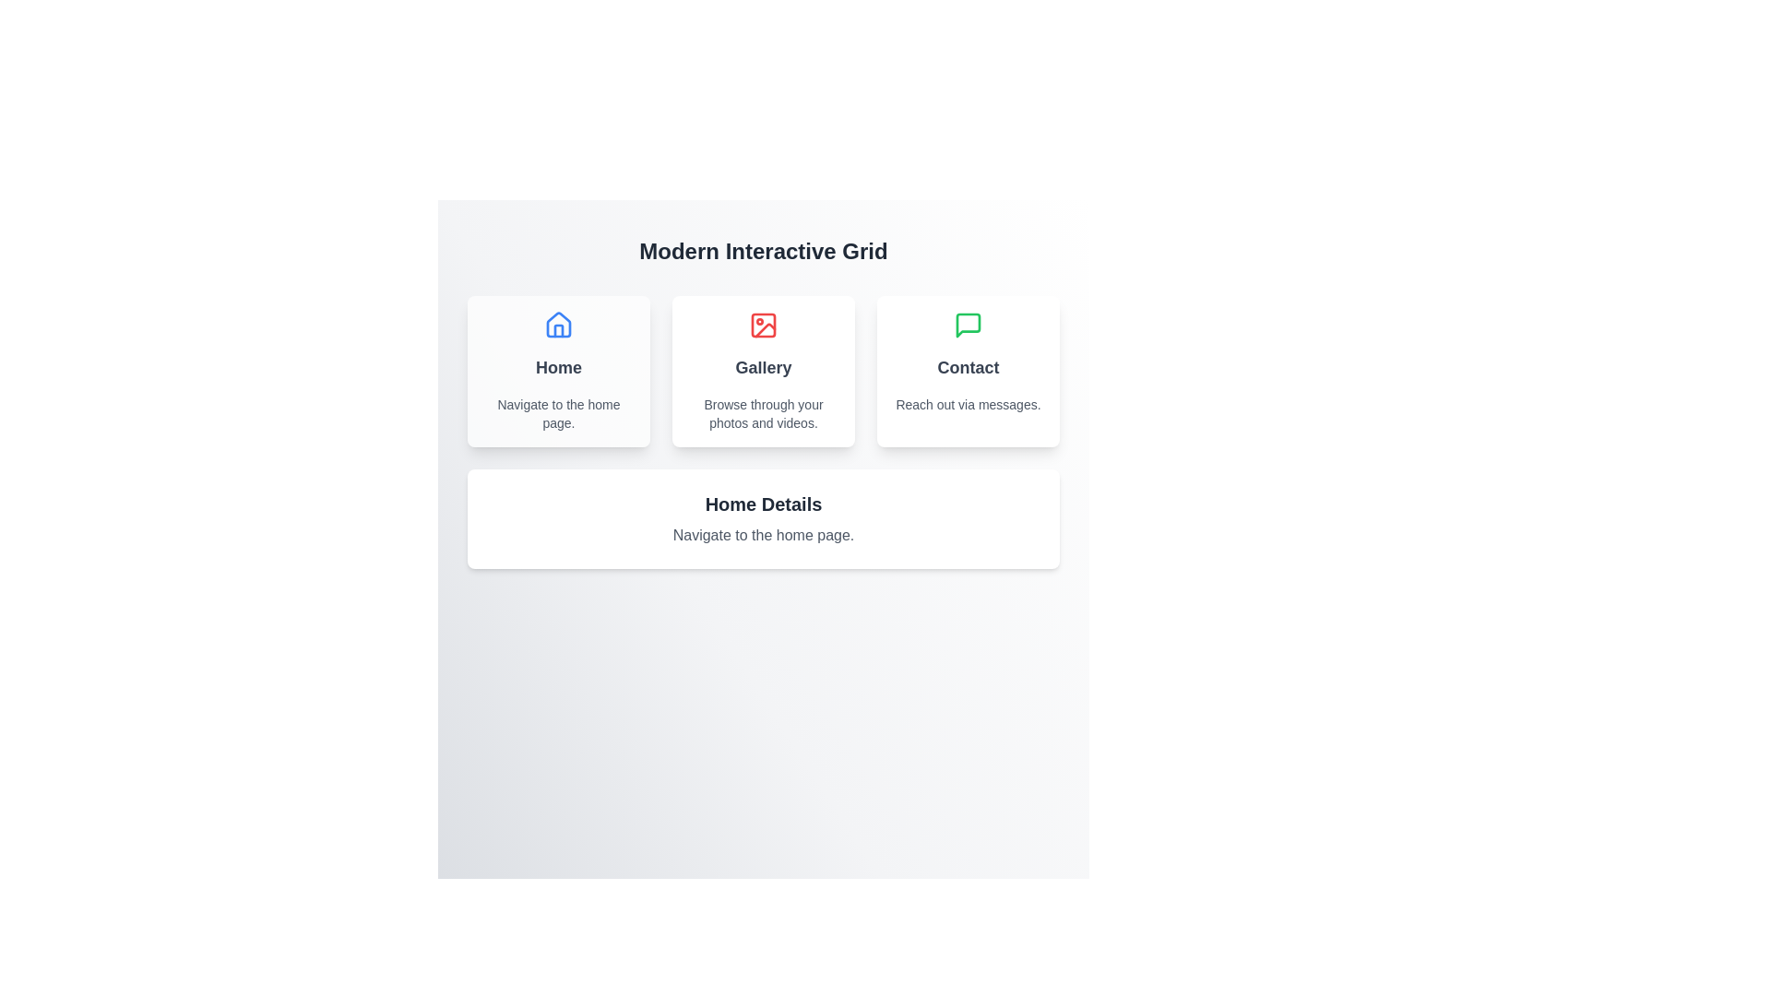 This screenshot has width=1771, height=996. Describe the element at coordinates (763, 367) in the screenshot. I see `text label displaying the word 'Gallery' which is centrally aligned below a red image icon and above a description text in the second column of a three-column grid` at that location.